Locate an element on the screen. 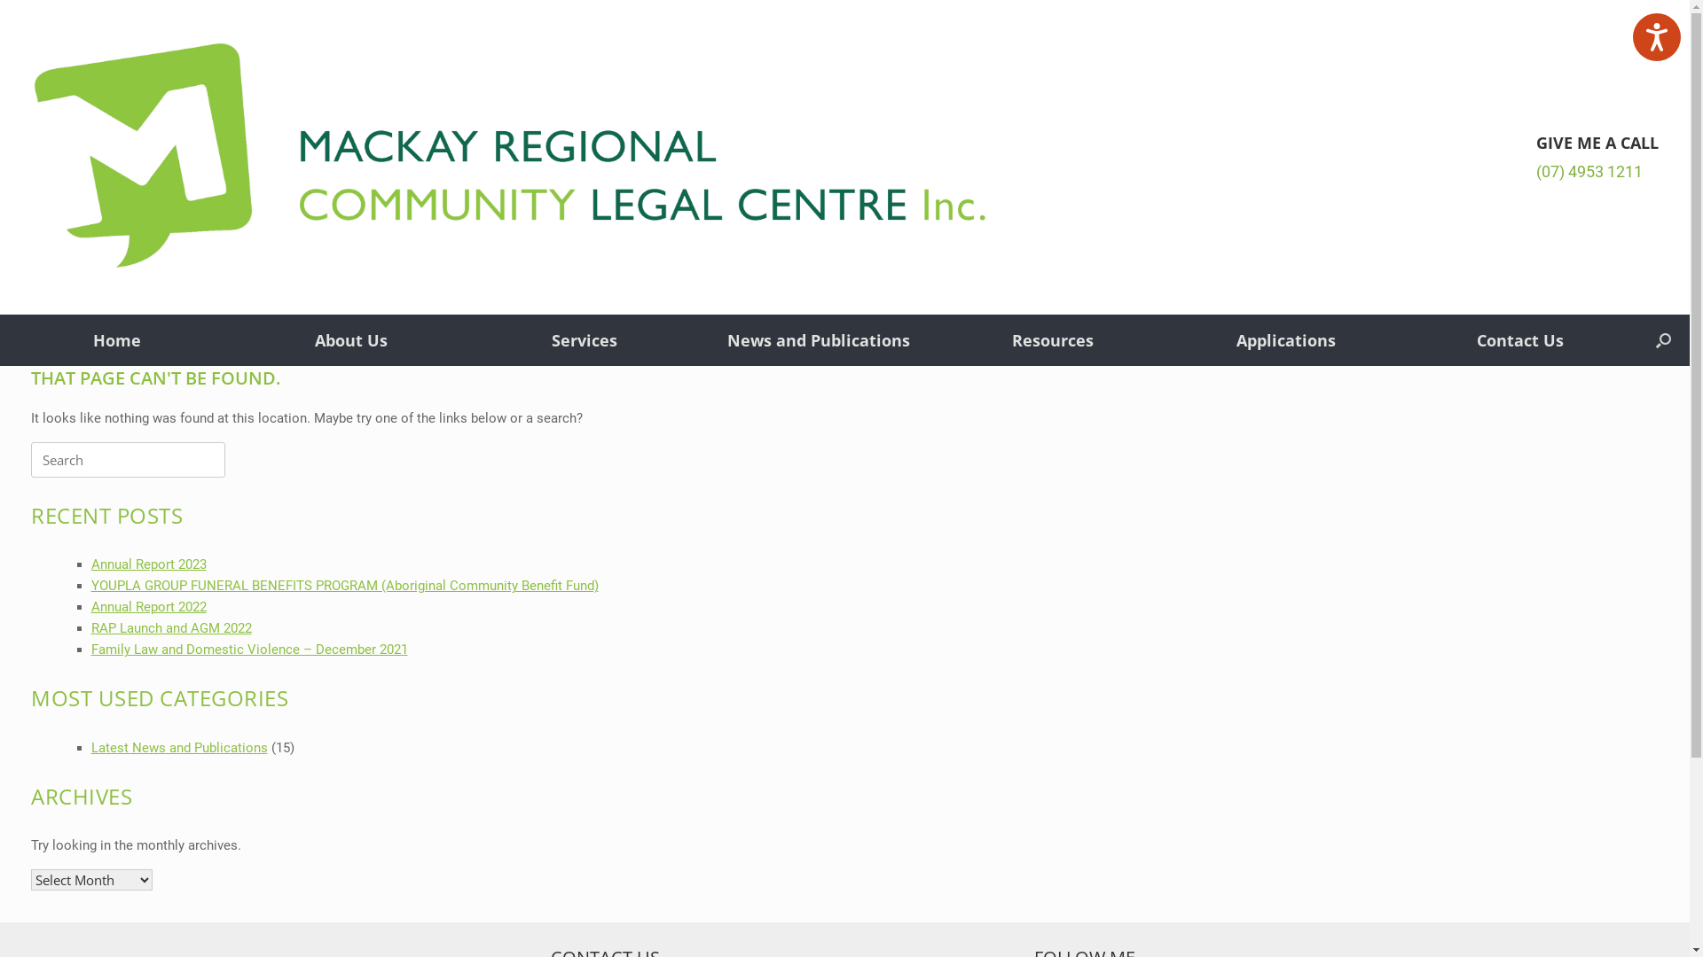  'Annual Report 2022' is located at coordinates (148, 606).